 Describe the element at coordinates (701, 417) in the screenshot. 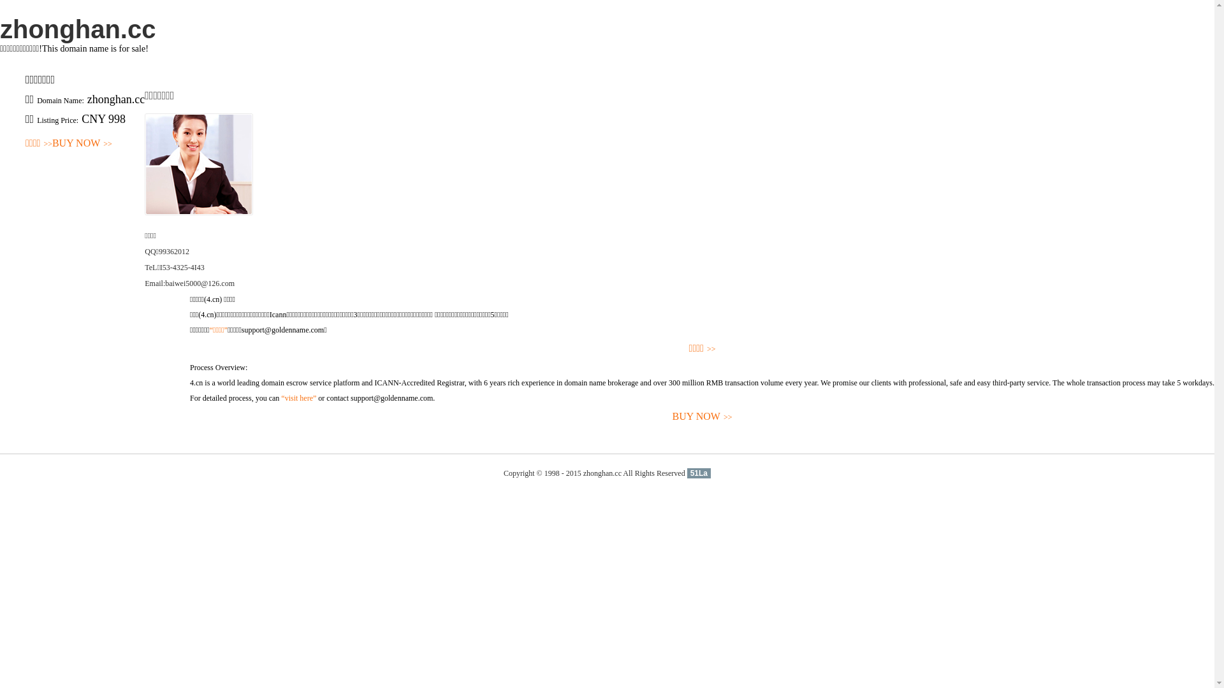

I see `'BUY NOW>>'` at that location.